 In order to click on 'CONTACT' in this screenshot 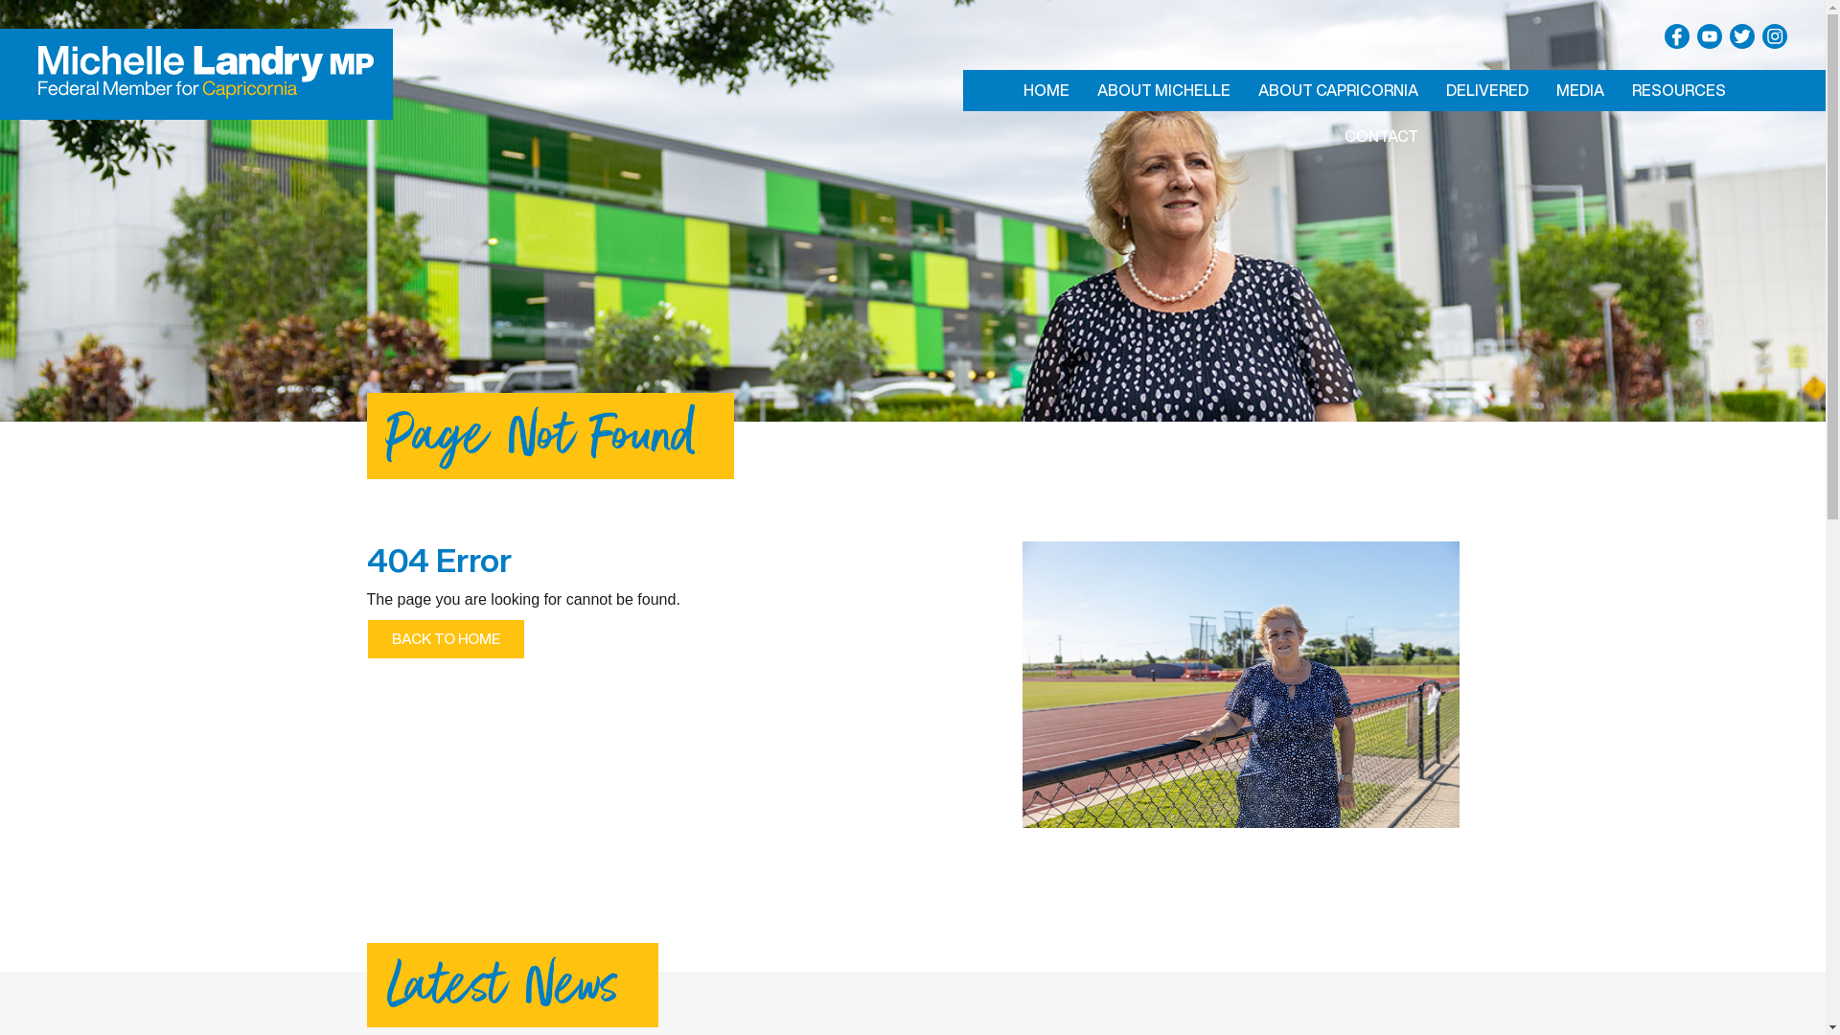, I will do `click(1381, 135)`.